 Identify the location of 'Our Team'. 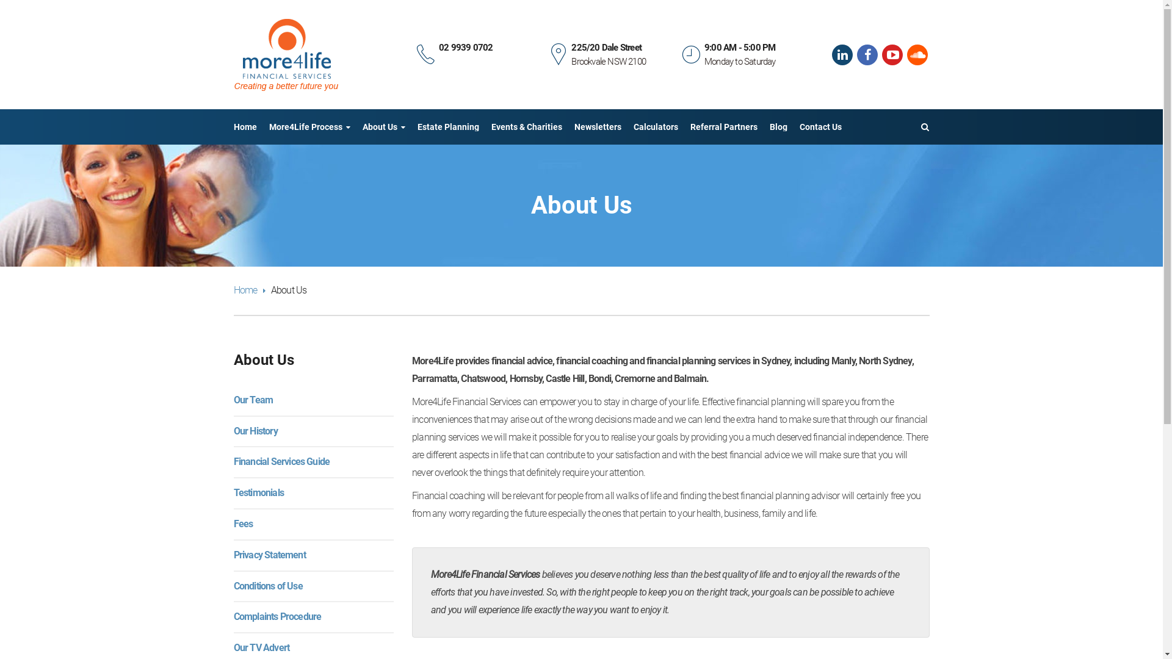
(252, 400).